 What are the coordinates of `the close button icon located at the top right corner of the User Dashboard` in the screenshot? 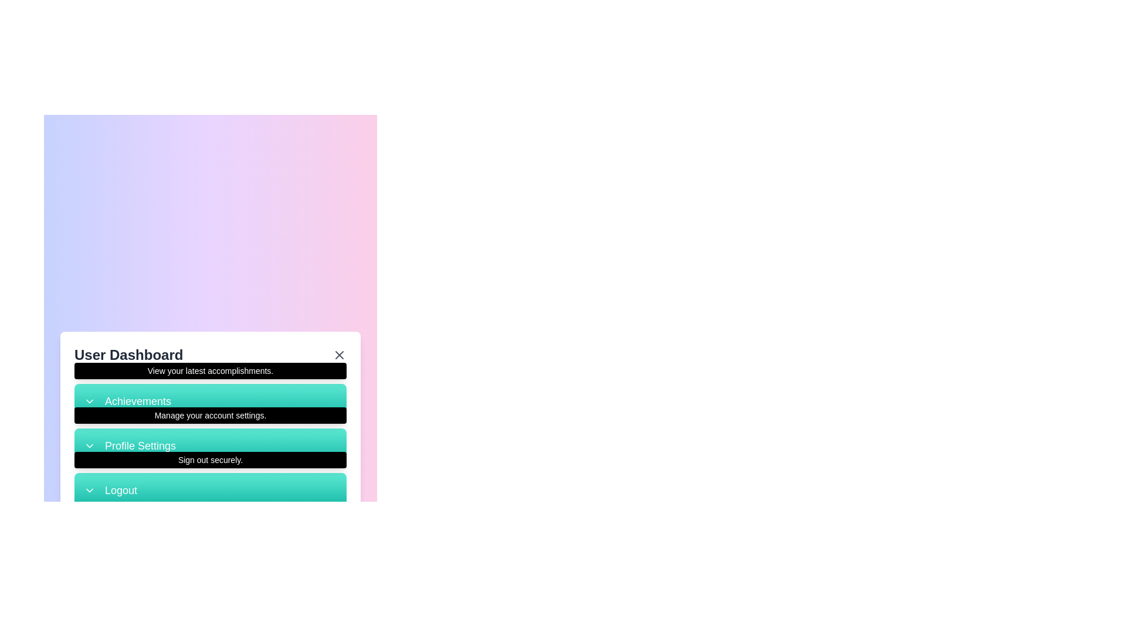 It's located at (339, 354).